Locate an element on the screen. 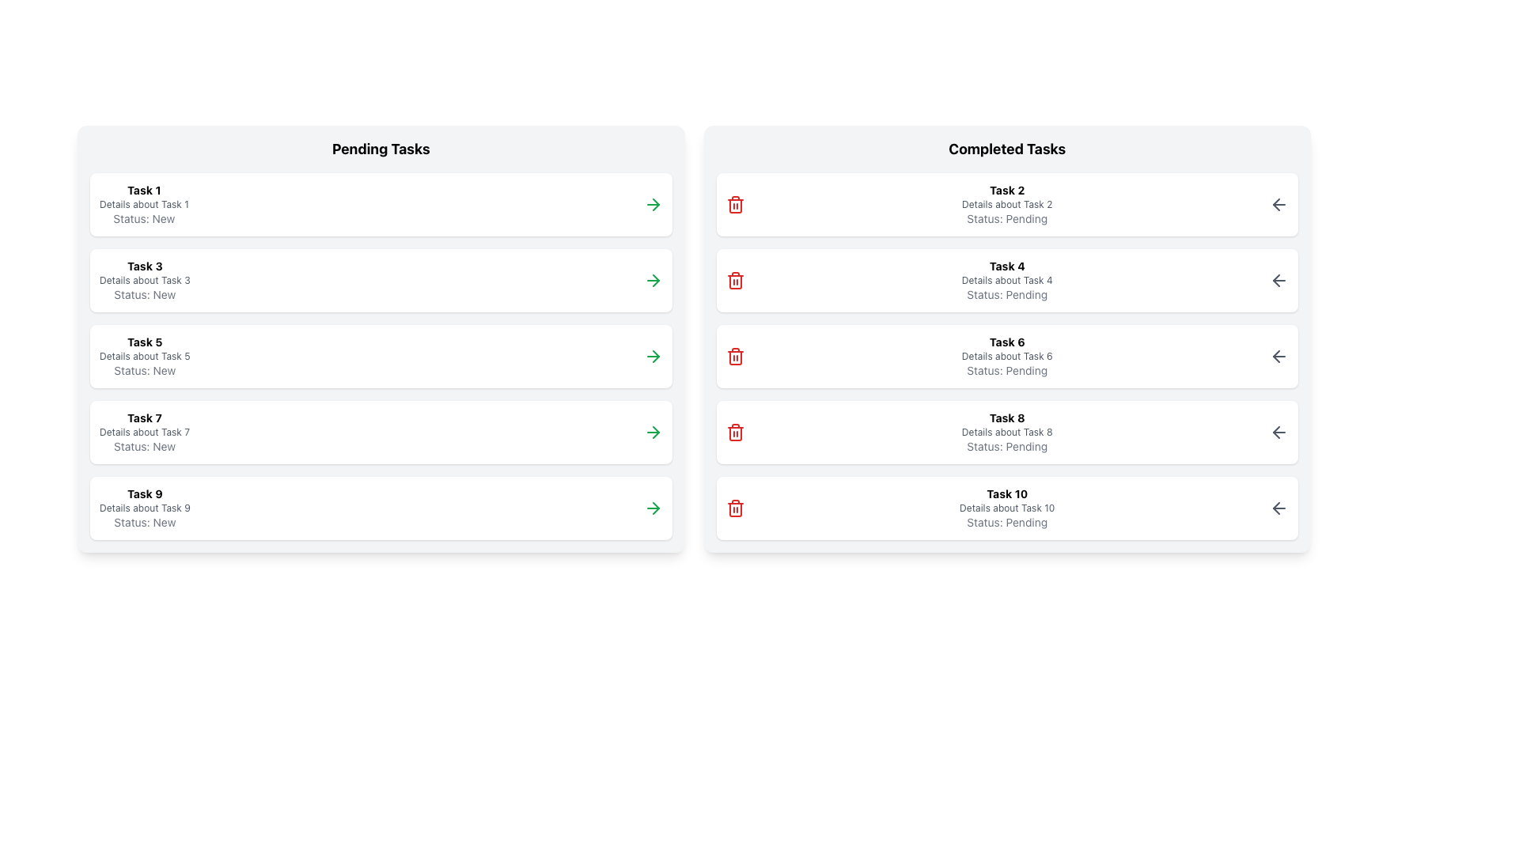 Image resolution: width=1519 pixels, height=854 pixels. the fifth List item card in the 'Completed Tasks' section, which contains the title 'Task 10', description 'Details about Task 10', and status 'Status: Pending' is located at coordinates (1006, 508).